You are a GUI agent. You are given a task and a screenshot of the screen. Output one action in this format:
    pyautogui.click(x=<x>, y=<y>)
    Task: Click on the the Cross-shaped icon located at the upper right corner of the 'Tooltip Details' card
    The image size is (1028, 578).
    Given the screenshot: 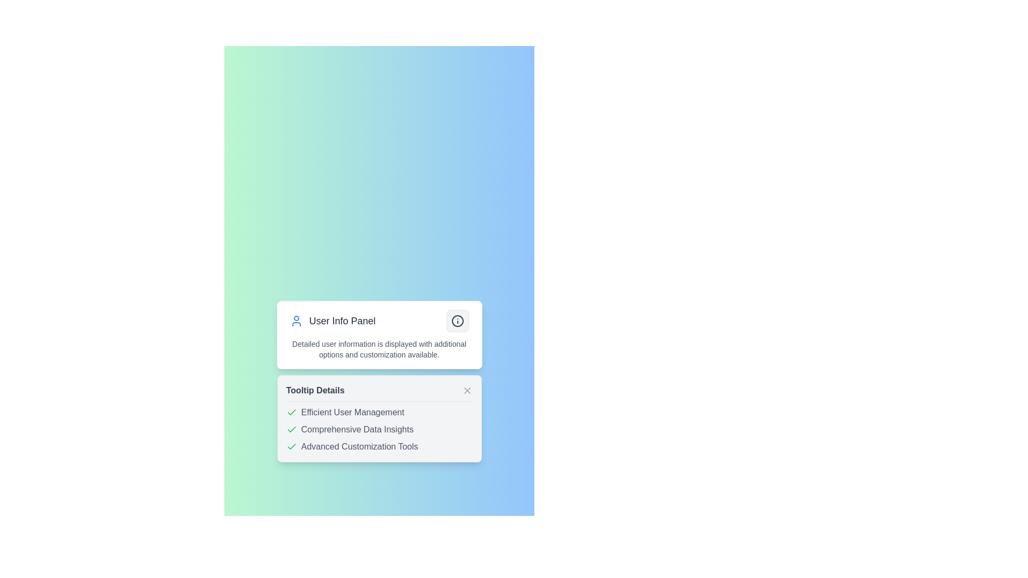 What is the action you would take?
    pyautogui.click(x=467, y=390)
    